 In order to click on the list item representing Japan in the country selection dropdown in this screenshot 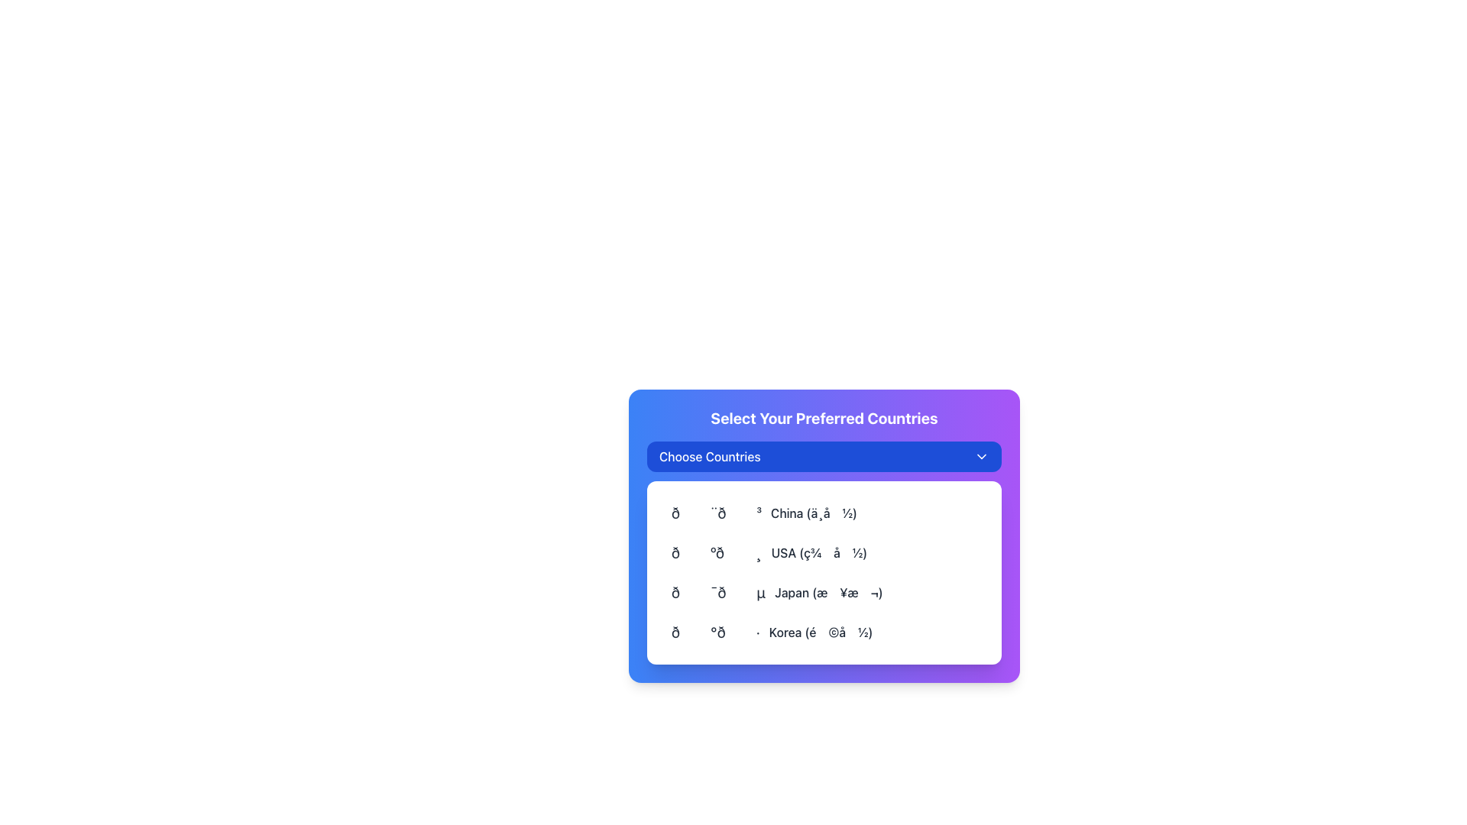, I will do `click(777, 591)`.